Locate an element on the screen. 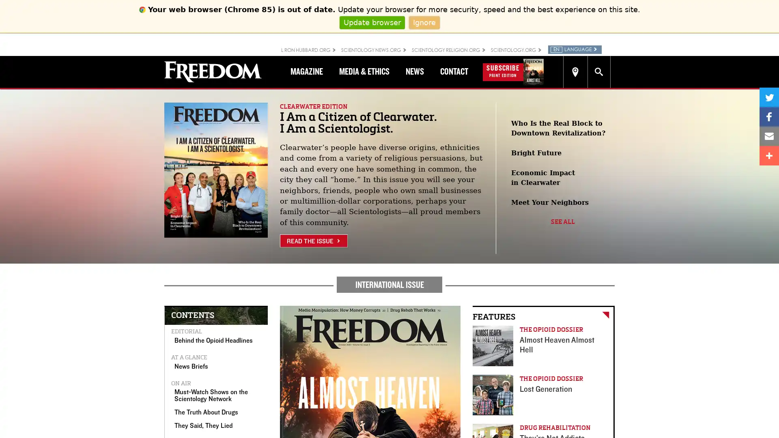 The image size is (779, 438). READ THE ISSUE is located at coordinates (313, 240).